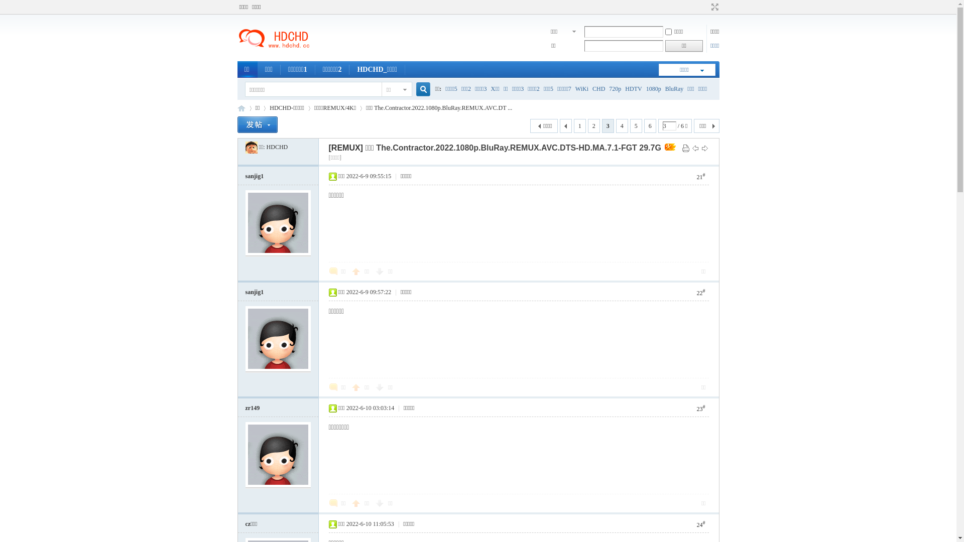 This screenshot has width=964, height=542. I want to click on '6', so click(650, 125).